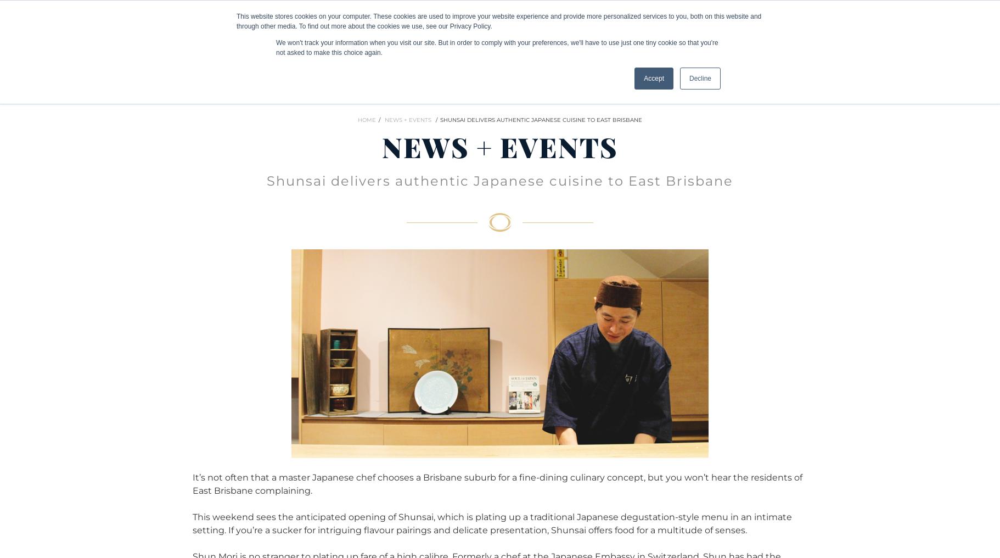 The width and height of the screenshot is (1000, 558). What do you see at coordinates (74, 21) in the screenshot?
I see `'Buyers'` at bounding box center [74, 21].